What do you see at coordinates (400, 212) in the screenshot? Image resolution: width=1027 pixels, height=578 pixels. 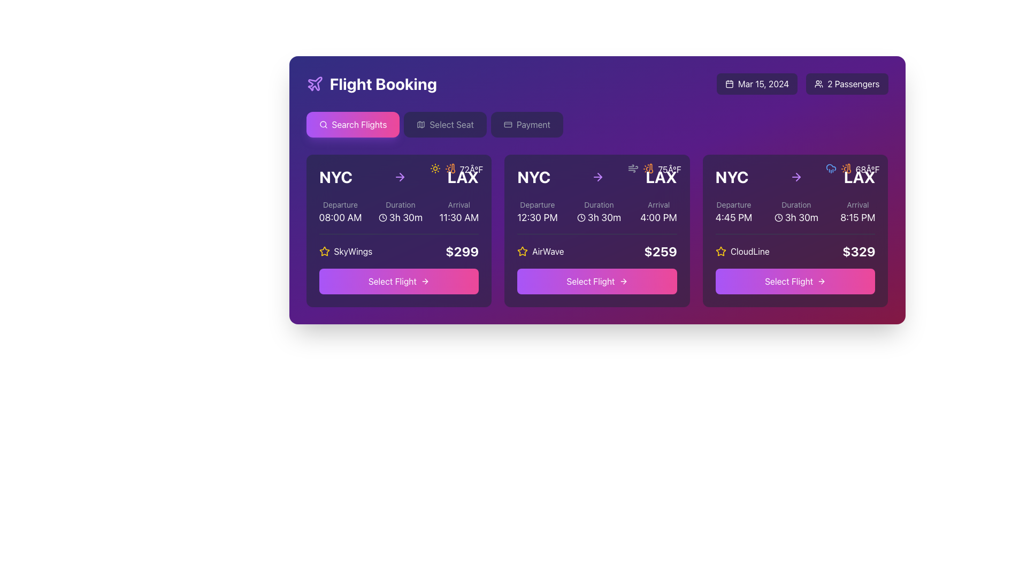 I see `the static text element that provides information about the duration of the selected flight, located in the 'Duration' section of the first flight card, above the price and below the 'NYC → LAX' flight route` at bounding box center [400, 212].